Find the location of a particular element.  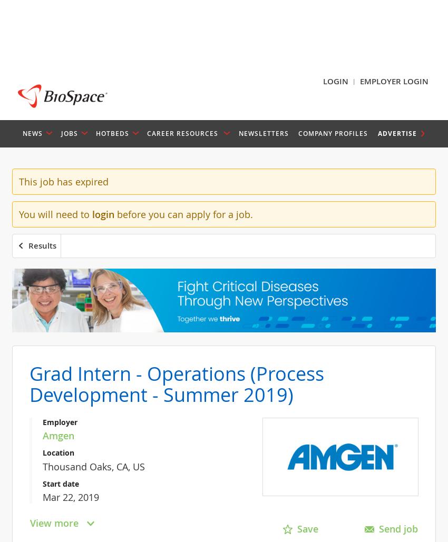

'Advertise' is located at coordinates (397, 132).